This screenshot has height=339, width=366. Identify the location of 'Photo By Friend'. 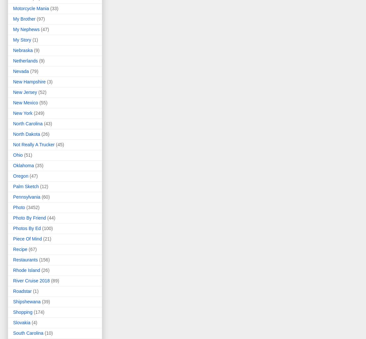
(29, 218).